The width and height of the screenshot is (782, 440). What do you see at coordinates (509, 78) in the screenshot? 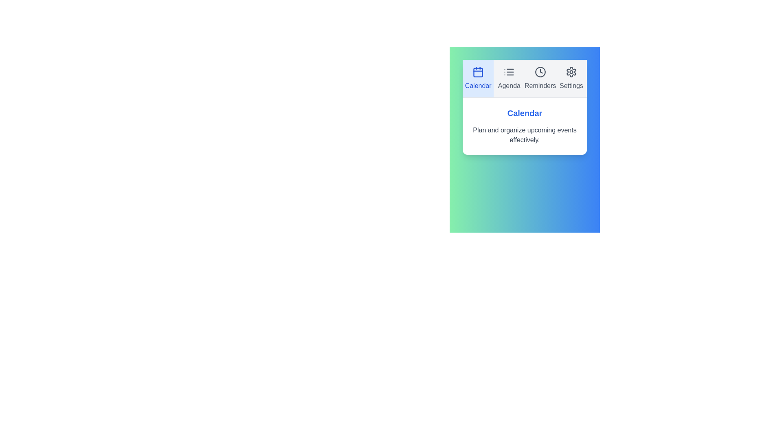
I see `the Agenda tab to view its content` at bounding box center [509, 78].